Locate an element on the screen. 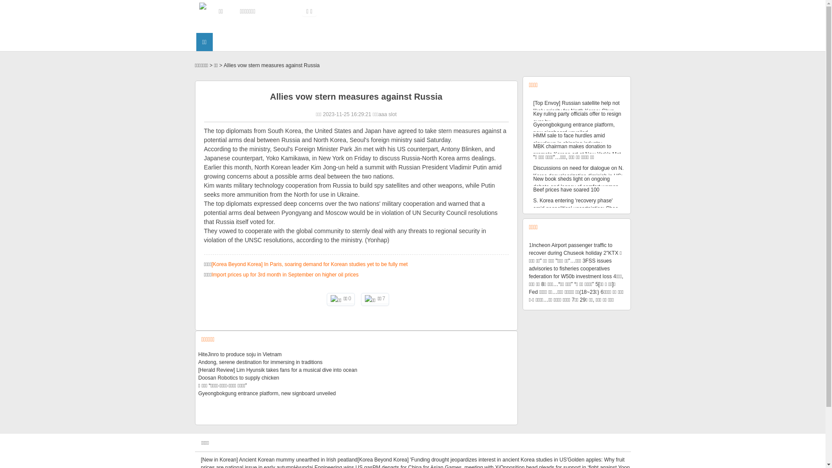  'Doosan Robotics to supply chicken' is located at coordinates (239, 377).